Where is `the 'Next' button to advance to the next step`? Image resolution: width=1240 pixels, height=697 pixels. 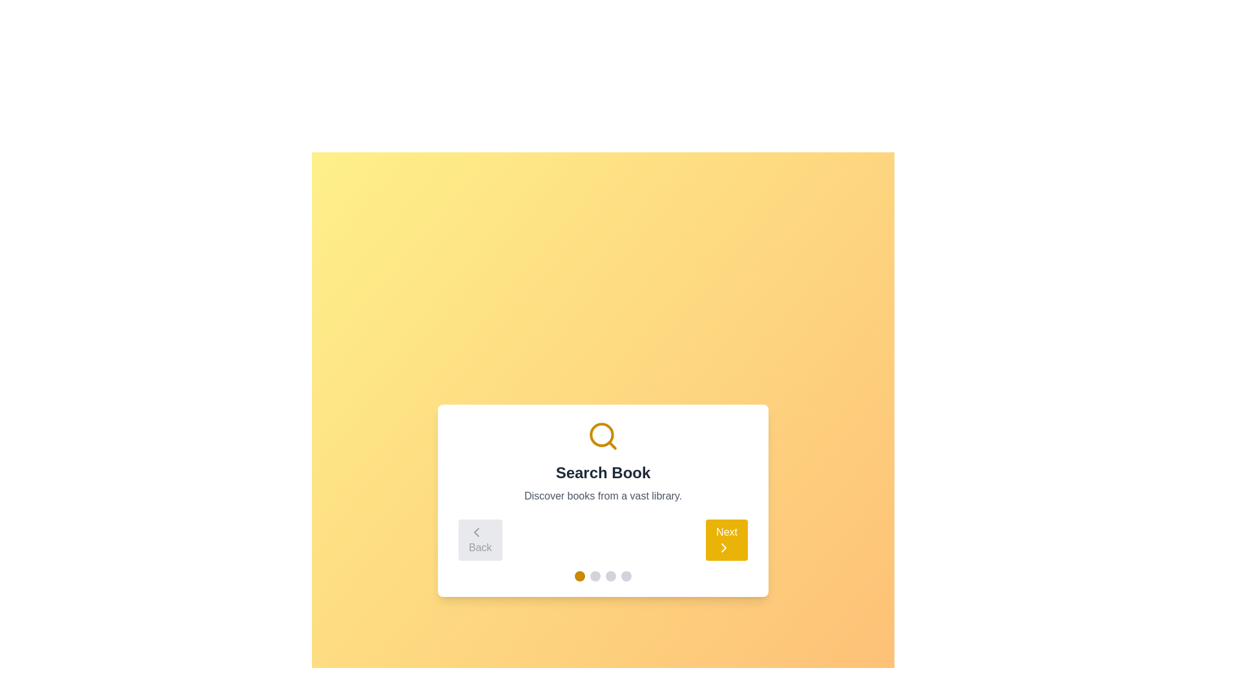
the 'Next' button to advance to the next step is located at coordinates (726, 540).